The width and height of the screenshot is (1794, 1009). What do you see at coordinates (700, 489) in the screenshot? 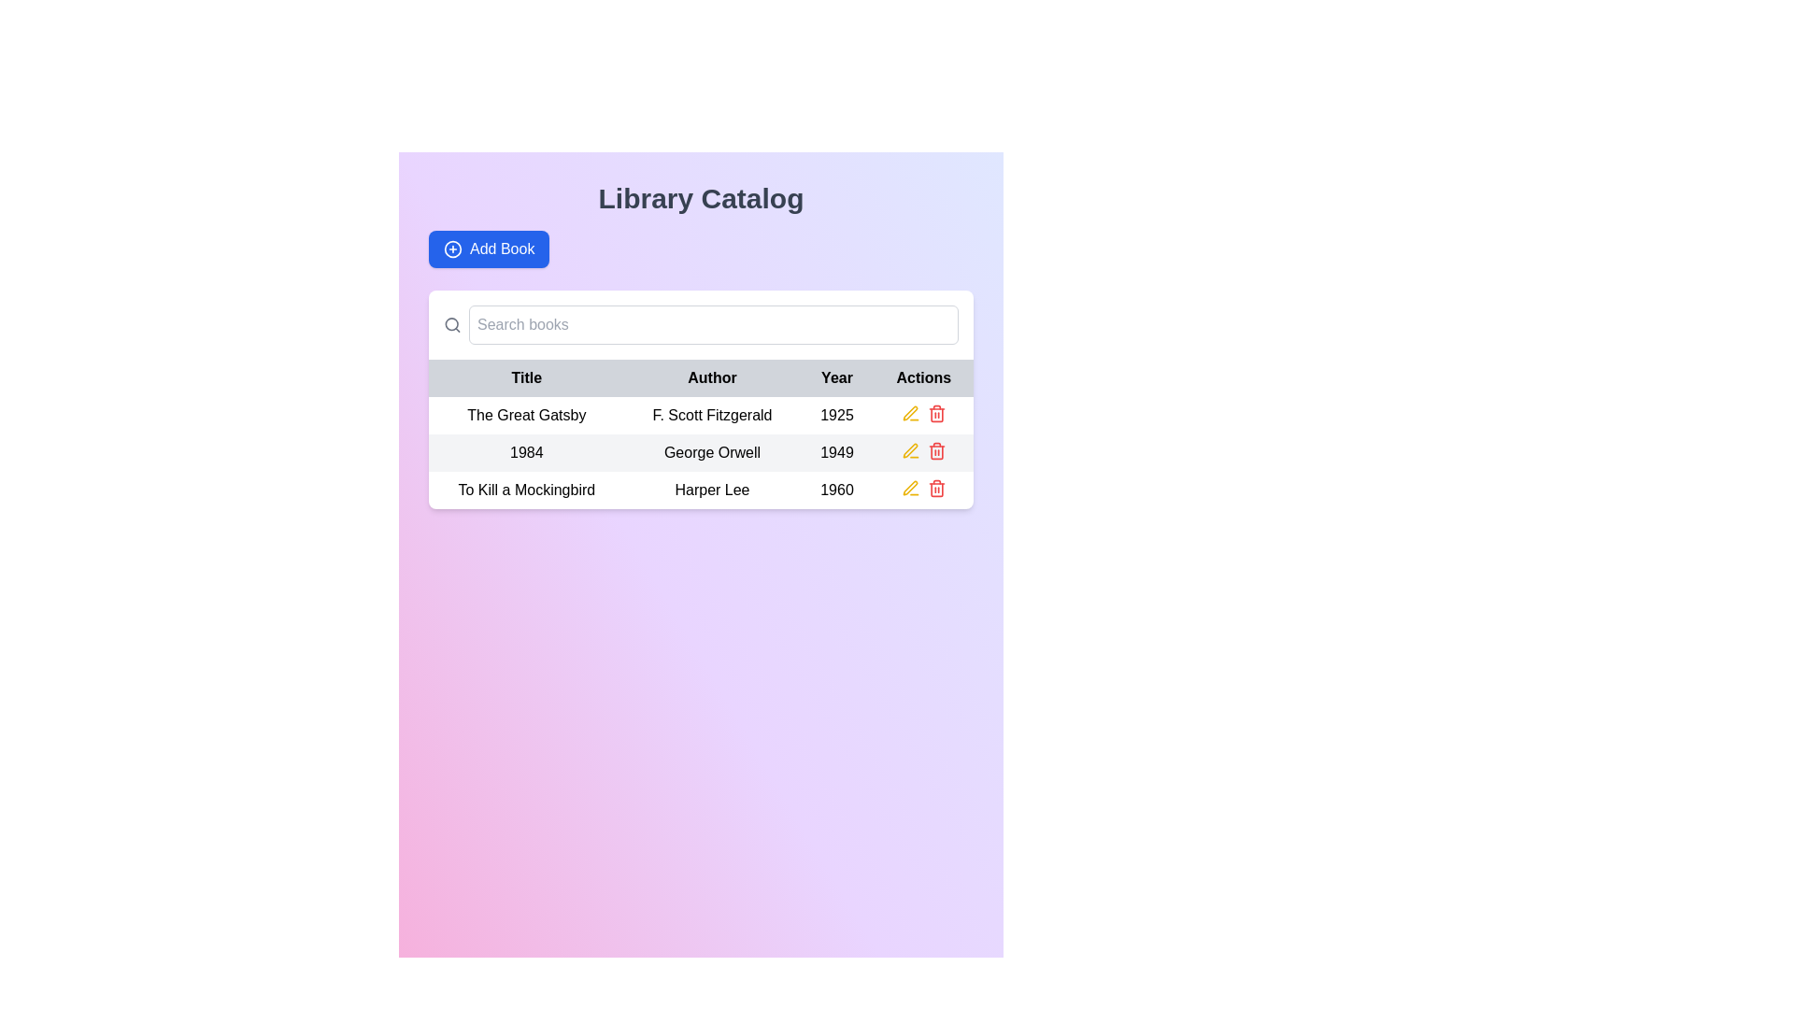
I see `the icons in the third row of the library catalog table` at bounding box center [700, 489].